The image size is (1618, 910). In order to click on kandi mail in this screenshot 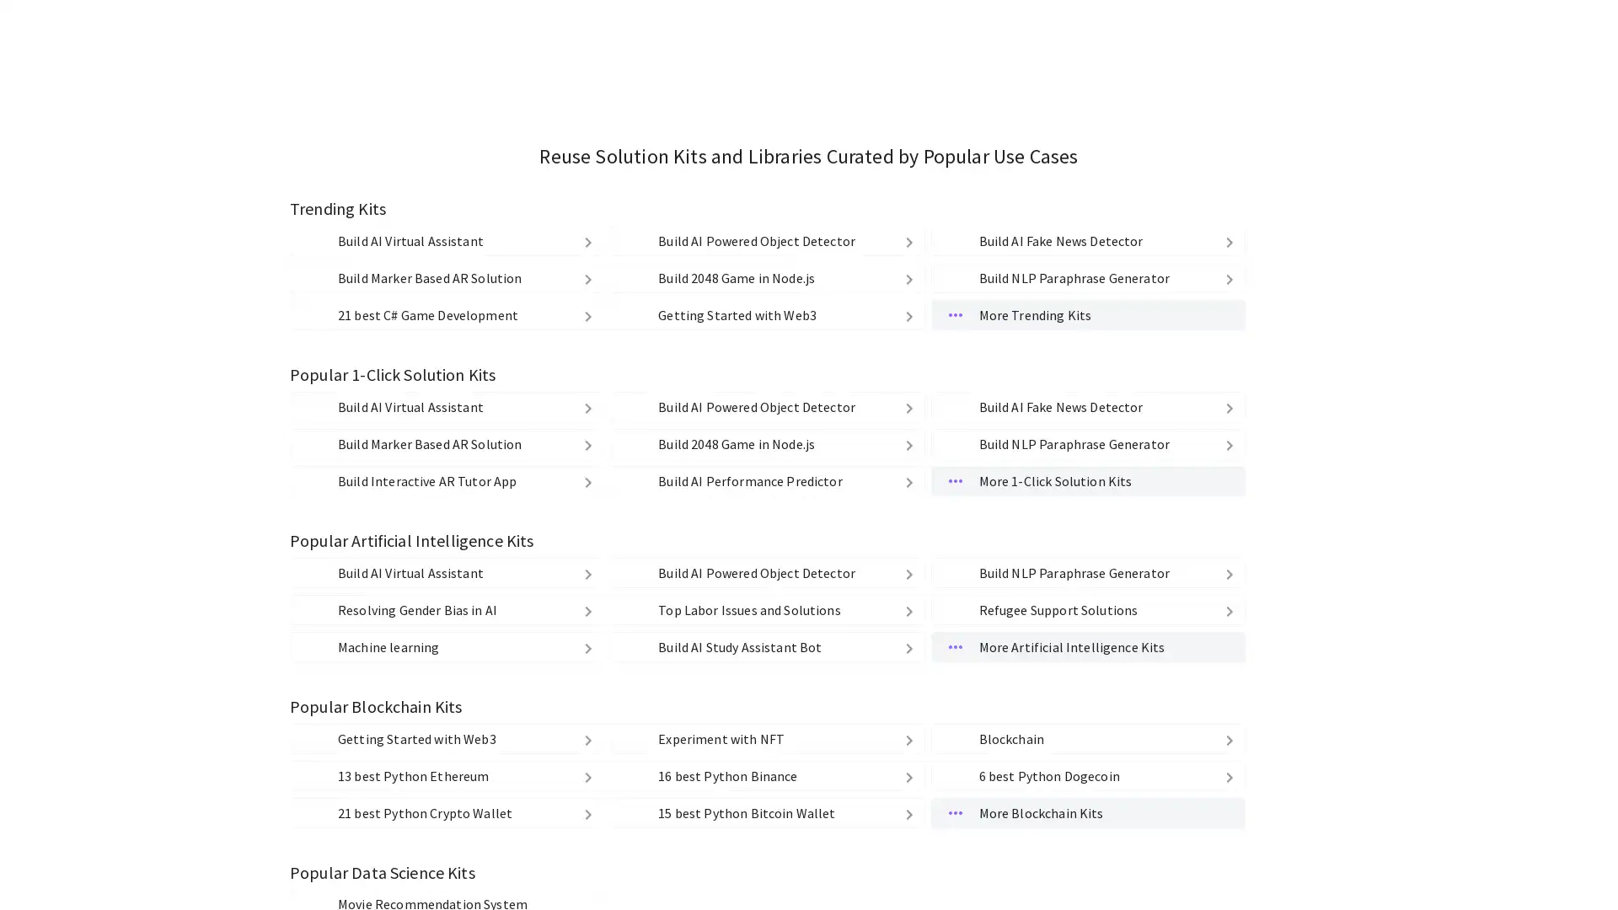, I will do `click(1577, 57)`.